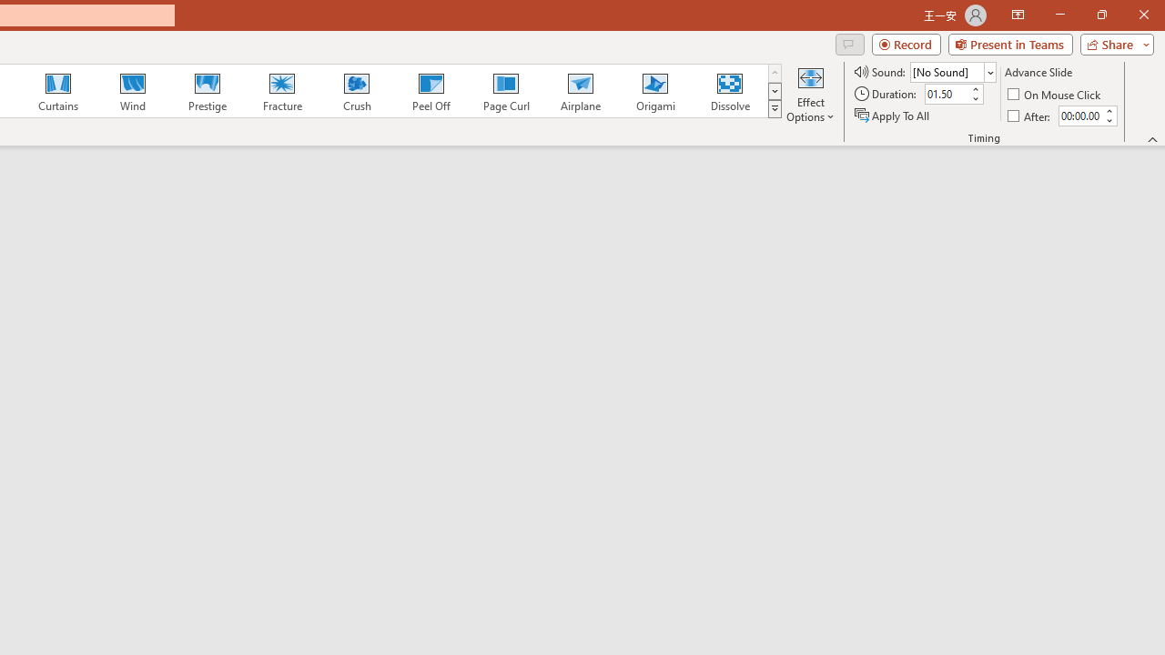 Image resolution: width=1165 pixels, height=655 pixels. Describe the element at coordinates (775, 109) in the screenshot. I see `'Transition Effects'` at that location.